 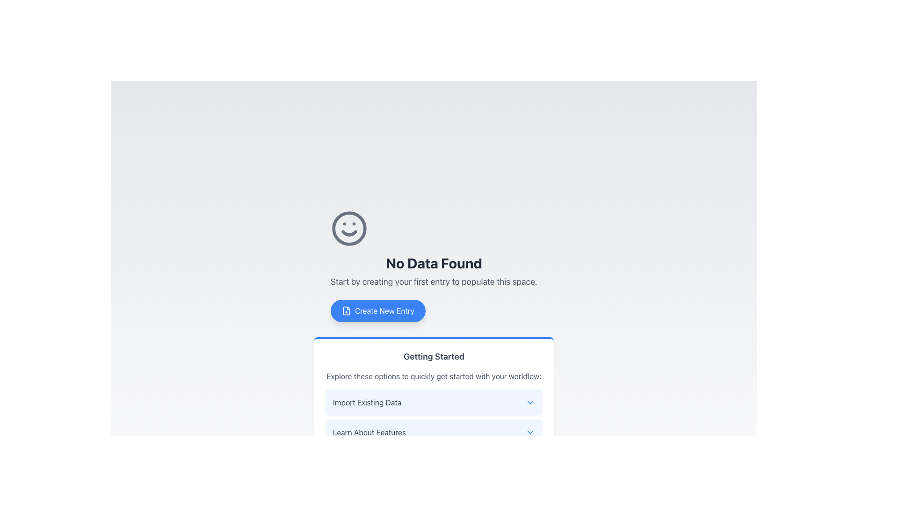 I want to click on the dropdown activator icon located to the right of the 'Learn About Features' text, so click(x=530, y=433).